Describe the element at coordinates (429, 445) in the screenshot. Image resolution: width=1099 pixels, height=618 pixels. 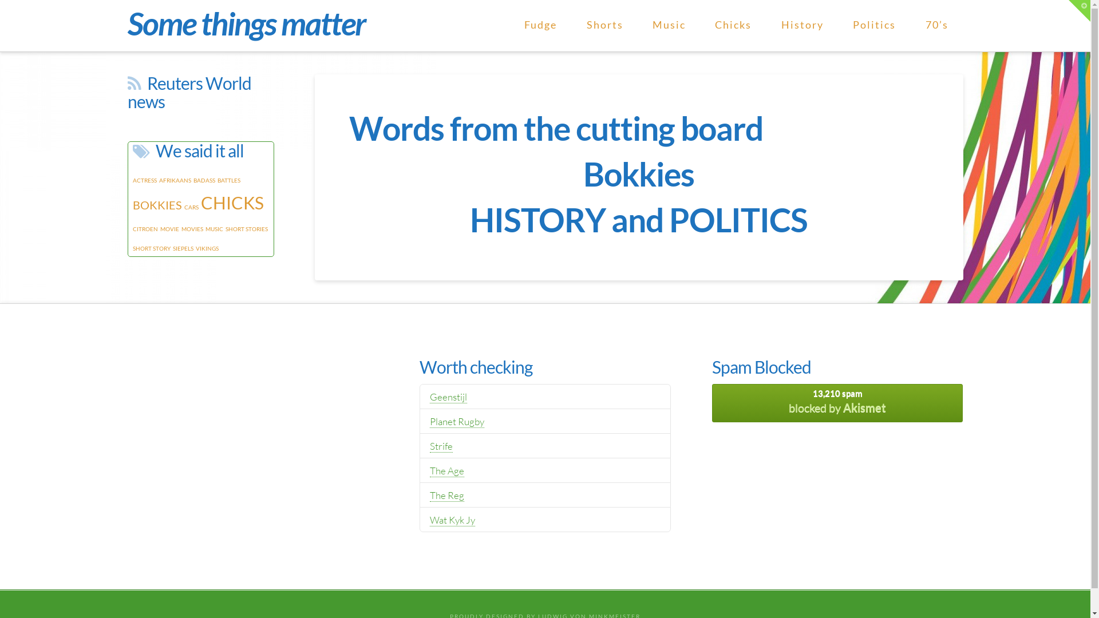
I see `'Strife'` at that location.